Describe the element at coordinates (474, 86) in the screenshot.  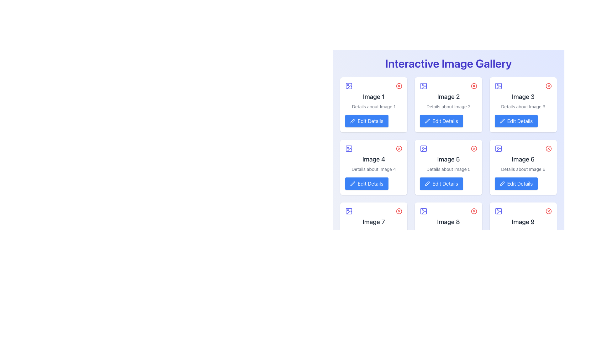
I see `the SVG circle graphical element located in the top-right corner of the second image panel, which serves as a visual indication for a close or delete function` at that location.